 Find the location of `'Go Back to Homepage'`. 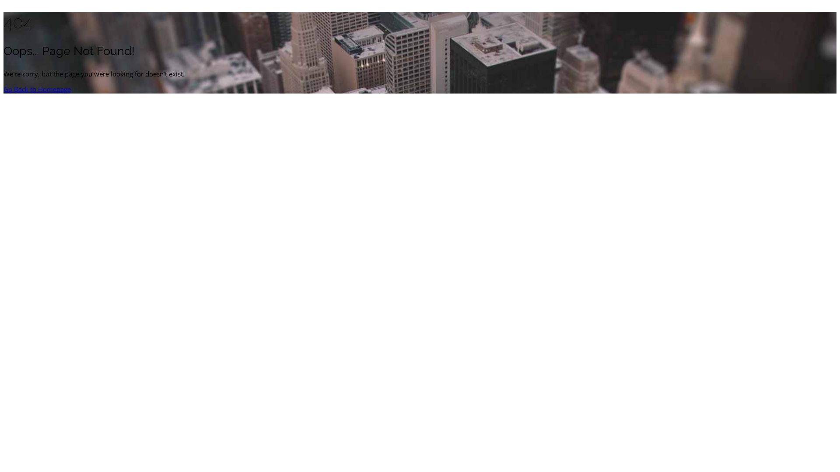

'Go Back to Homepage' is located at coordinates (37, 89).